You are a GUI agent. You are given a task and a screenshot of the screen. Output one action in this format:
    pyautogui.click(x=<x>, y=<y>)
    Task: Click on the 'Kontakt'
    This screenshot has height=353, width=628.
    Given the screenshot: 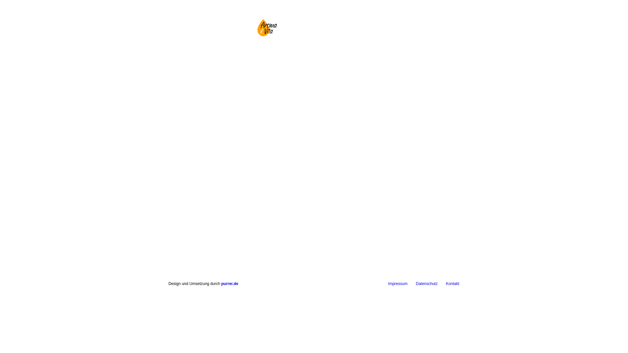 What is the action you would take?
    pyautogui.click(x=452, y=283)
    